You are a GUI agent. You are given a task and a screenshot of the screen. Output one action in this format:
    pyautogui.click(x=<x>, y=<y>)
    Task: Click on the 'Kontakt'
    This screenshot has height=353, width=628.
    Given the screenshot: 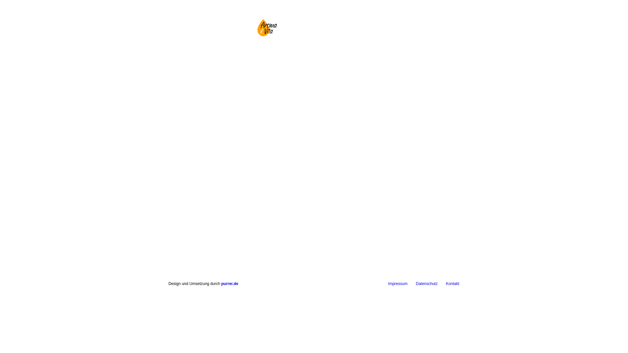 What is the action you would take?
    pyautogui.click(x=452, y=283)
    